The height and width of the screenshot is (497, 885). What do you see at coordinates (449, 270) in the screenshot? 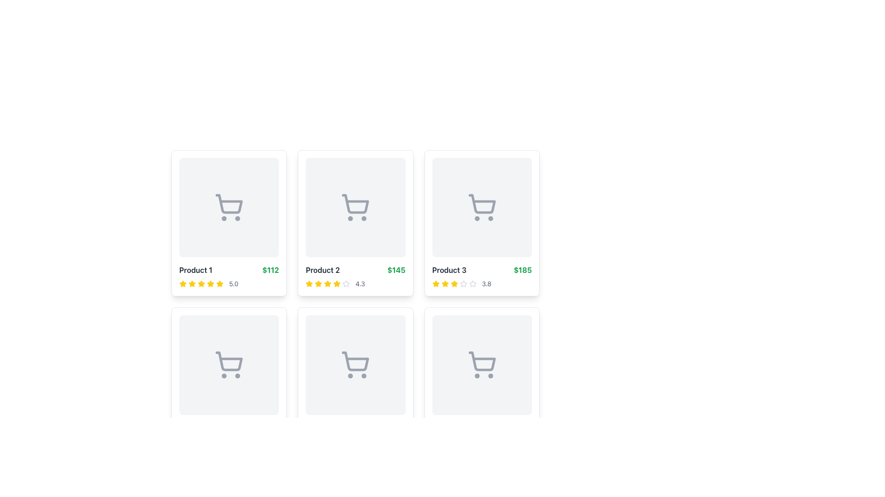
I see `the 'Product 3' text label, which is displayed in bold dark font and located in the top-right section of the grid layout, adjacent to the price indicator` at bounding box center [449, 270].